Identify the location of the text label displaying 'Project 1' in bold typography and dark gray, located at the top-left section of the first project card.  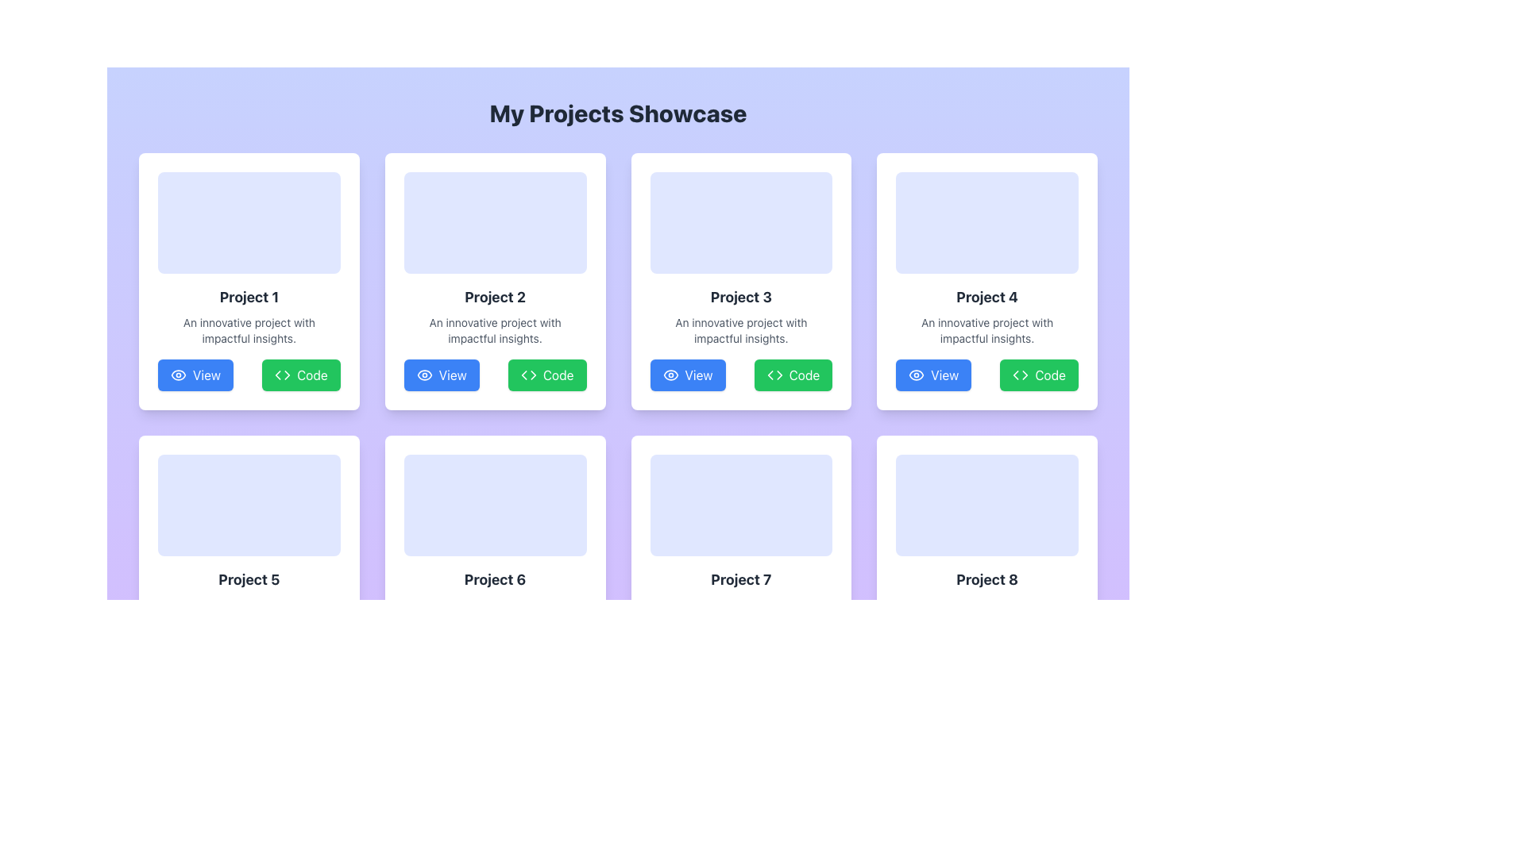
(248, 297).